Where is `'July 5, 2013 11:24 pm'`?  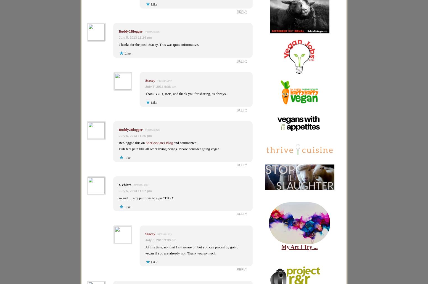
'July 5, 2013 11:24 pm' is located at coordinates (135, 37).